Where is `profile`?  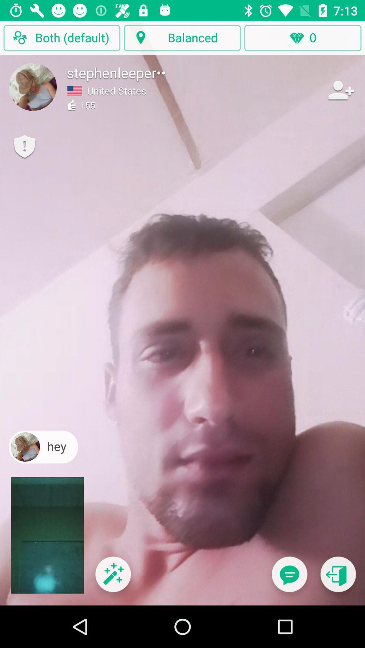 profile is located at coordinates (33, 86).